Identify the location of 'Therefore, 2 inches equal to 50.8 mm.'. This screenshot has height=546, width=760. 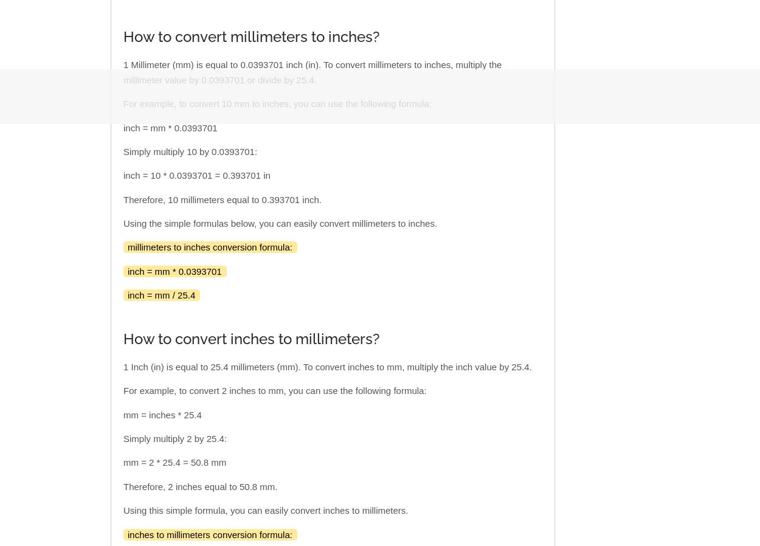
(199, 486).